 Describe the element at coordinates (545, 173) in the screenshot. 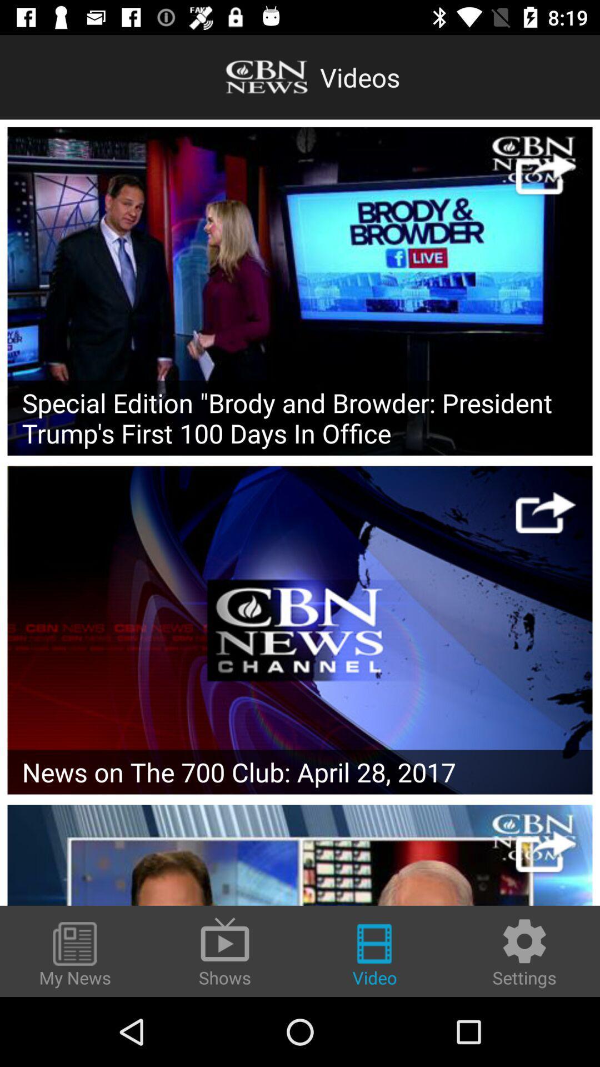

I see `cbn website` at that location.